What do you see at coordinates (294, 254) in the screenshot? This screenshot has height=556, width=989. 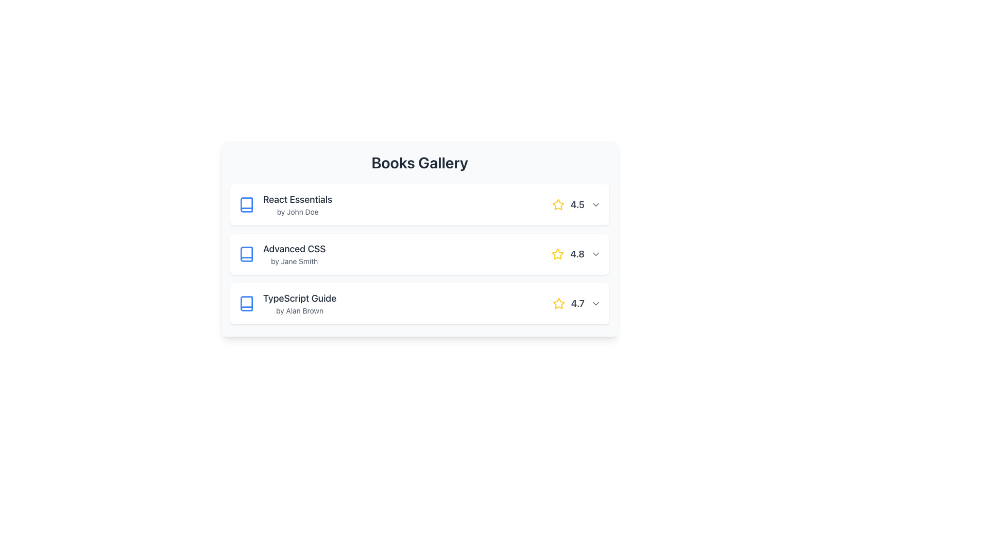 I see `the Text Display Section that displays the title and author of the book/course, which is the second entry in the 'Books Gallery' section` at bounding box center [294, 254].